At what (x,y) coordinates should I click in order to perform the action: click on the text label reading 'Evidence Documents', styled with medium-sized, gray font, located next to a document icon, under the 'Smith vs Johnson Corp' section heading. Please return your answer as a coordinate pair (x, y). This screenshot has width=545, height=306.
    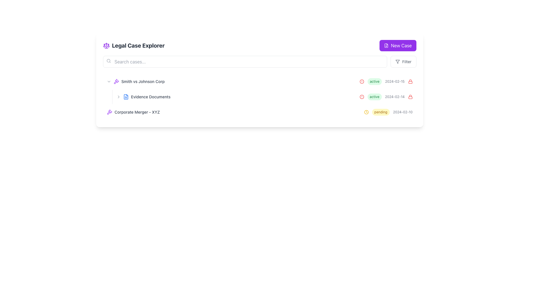
    Looking at the image, I should click on (151, 97).